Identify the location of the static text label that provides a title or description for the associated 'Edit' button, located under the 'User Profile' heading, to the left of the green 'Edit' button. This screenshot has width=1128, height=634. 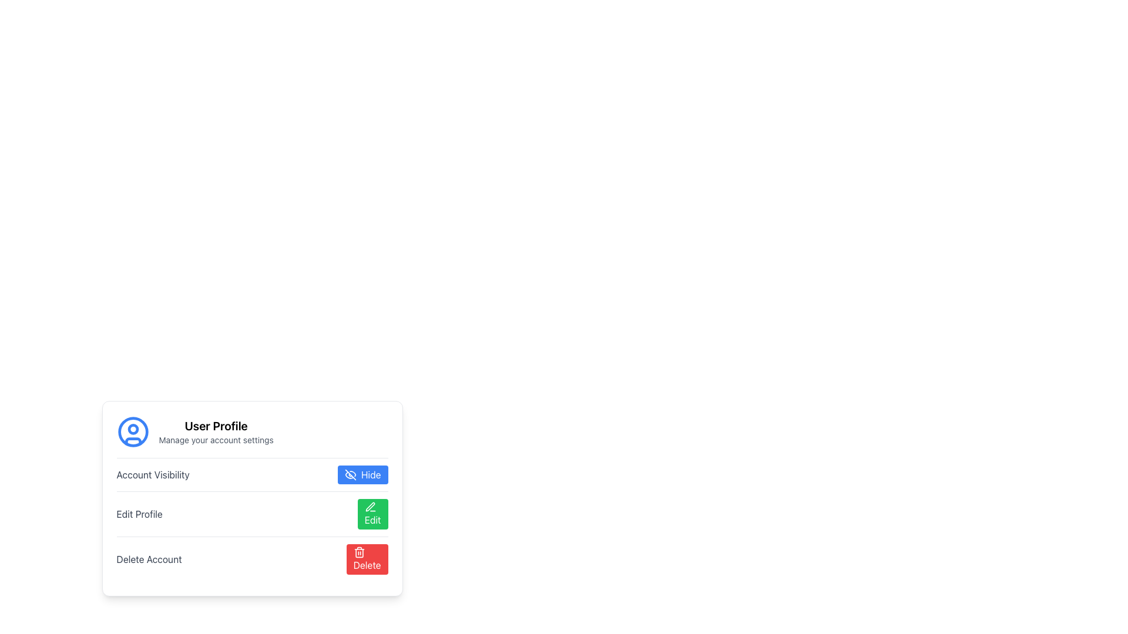
(139, 513).